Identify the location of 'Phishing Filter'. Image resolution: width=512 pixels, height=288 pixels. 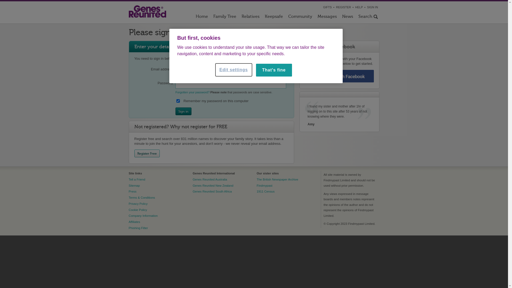
(138, 228).